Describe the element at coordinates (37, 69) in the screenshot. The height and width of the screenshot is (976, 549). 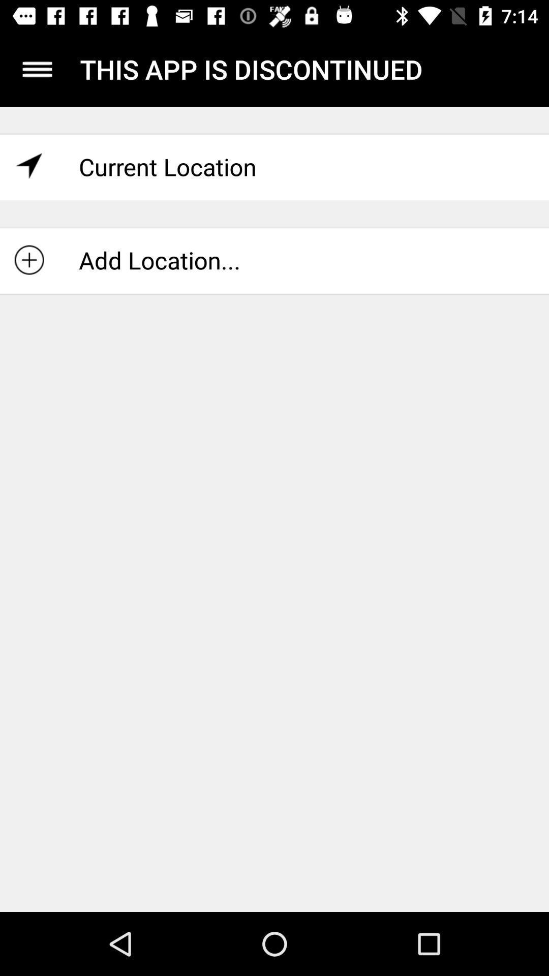
I see `menu button` at that location.